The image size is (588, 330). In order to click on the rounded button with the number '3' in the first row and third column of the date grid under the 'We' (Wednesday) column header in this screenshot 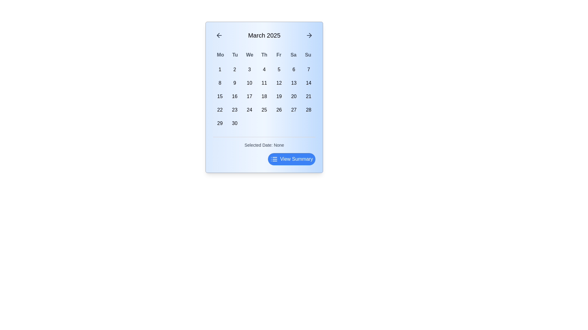, I will do `click(249, 69)`.